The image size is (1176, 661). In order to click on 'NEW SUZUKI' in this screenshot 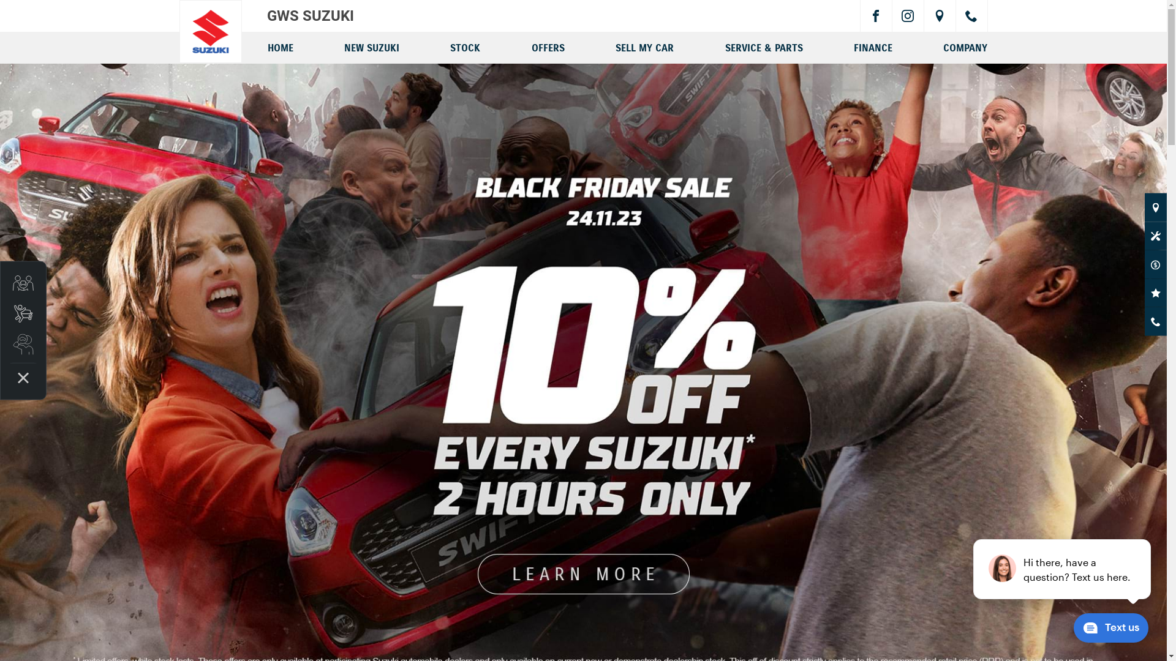, I will do `click(371, 47)`.